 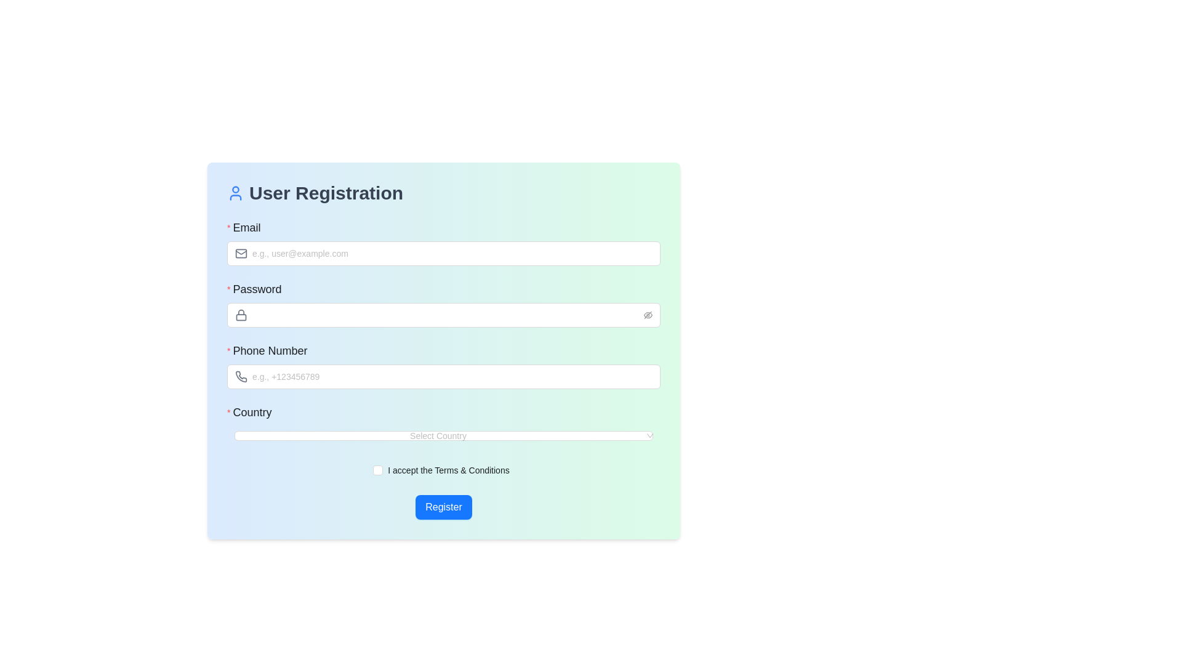 What do you see at coordinates (236, 190) in the screenshot?
I see `the decorative Icon component located near the top-left corner of the form, adjacent to the 'User Registration' header text` at bounding box center [236, 190].